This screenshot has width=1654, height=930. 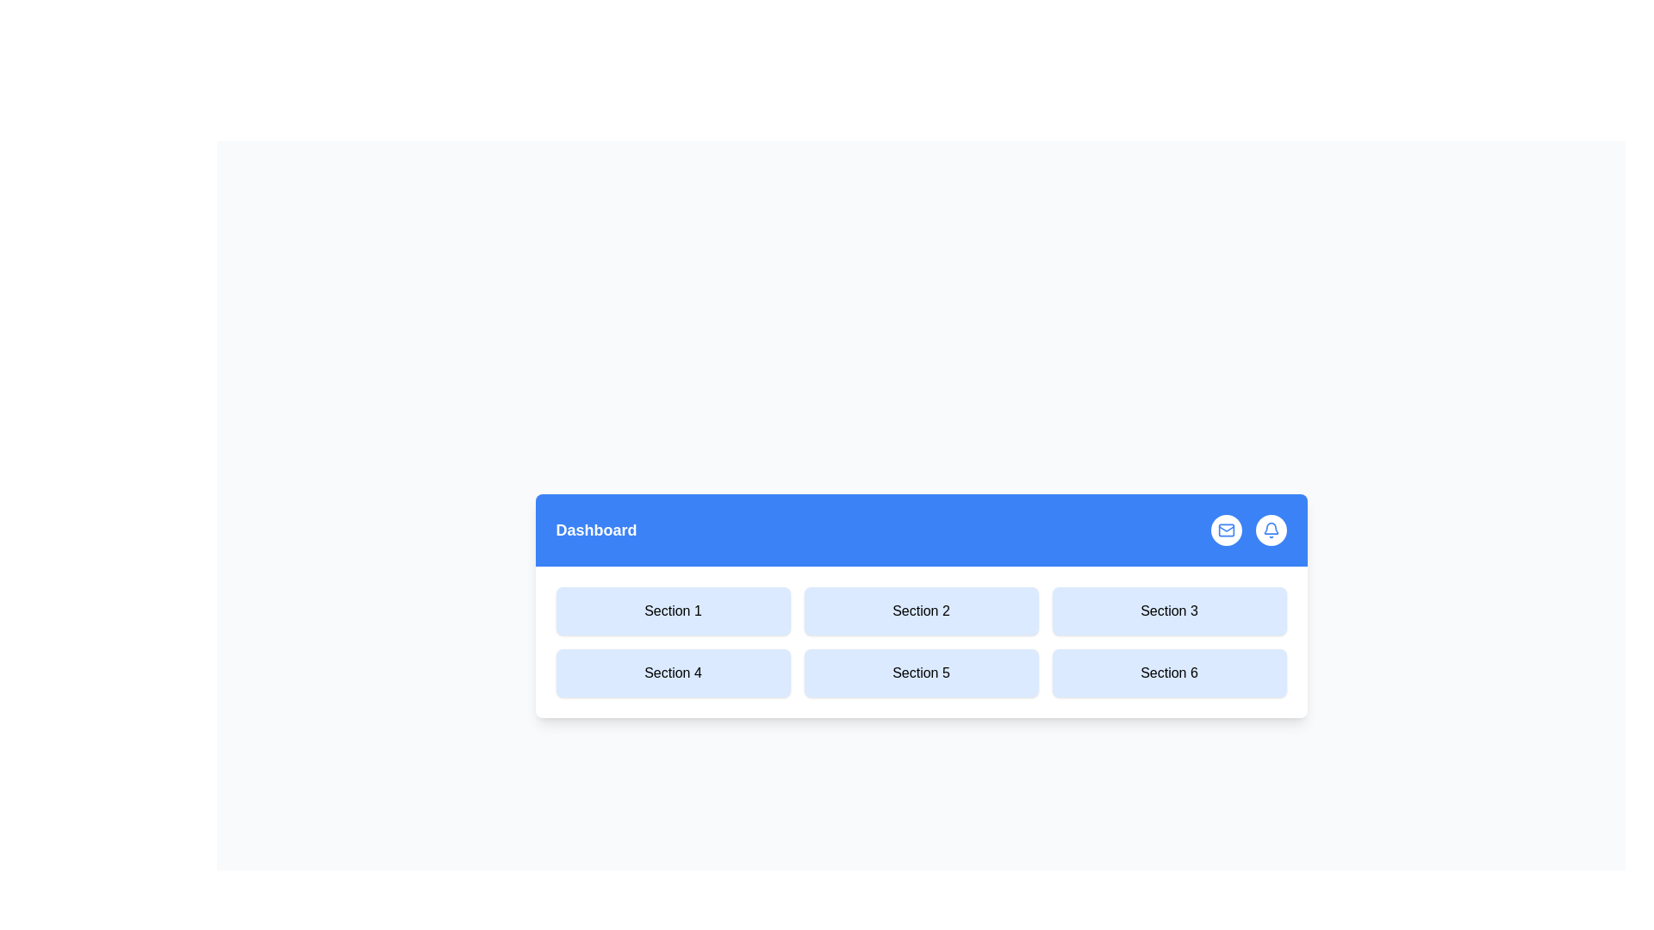 What do you see at coordinates (672, 673) in the screenshot?
I see `the Interactive panel or card located in the second row, first column of the dashboard interface, which is positioned directly below 'Section 1' and to the left of 'Section 5'` at bounding box center [672, 673].